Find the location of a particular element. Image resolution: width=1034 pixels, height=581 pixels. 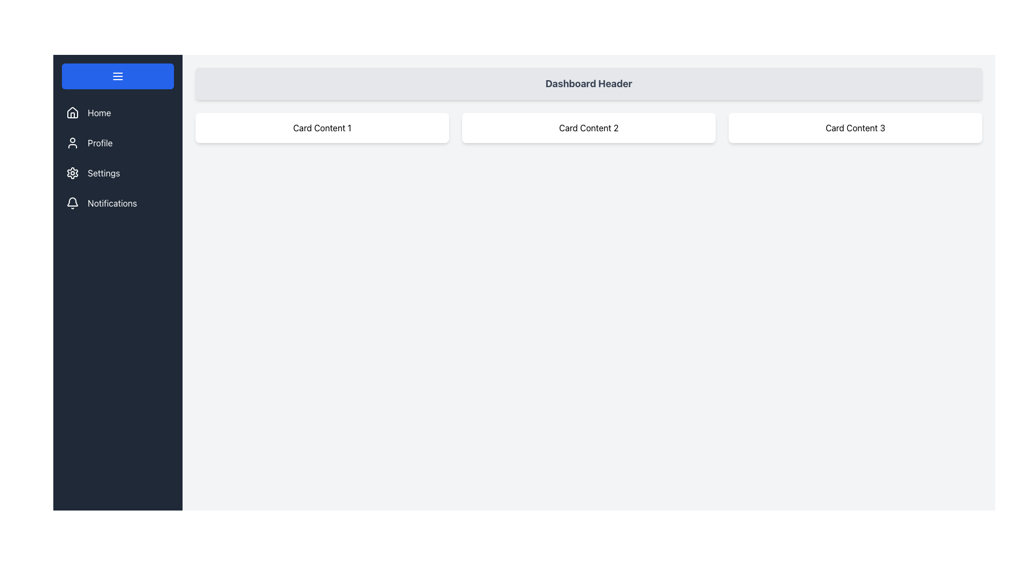

the doorway symbol within the house icon located in the sidebar navigation menu is located at coordinates (72, 115).